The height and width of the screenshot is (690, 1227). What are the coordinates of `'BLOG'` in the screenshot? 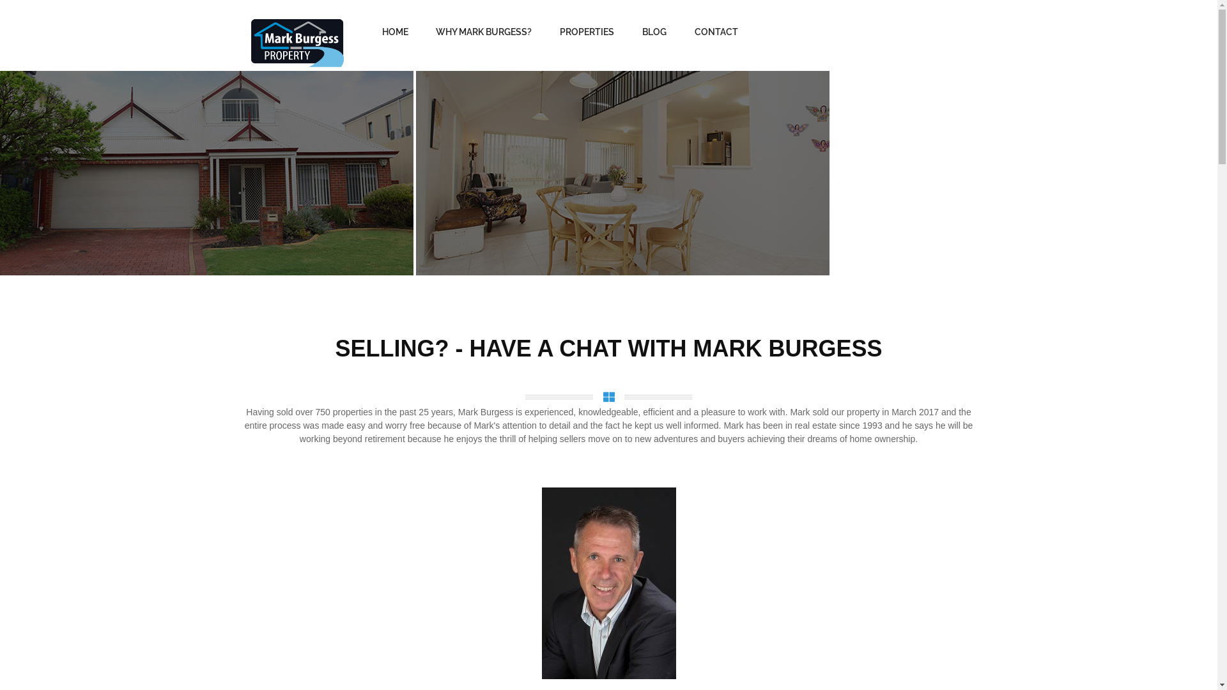 It's located at (654, 31).